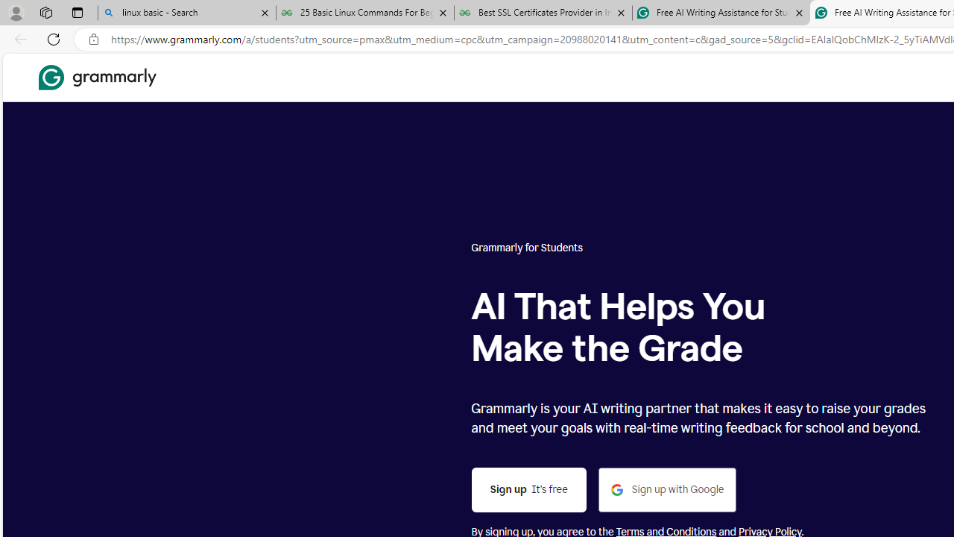  Describe the element at coordinates (543, 13) in the screenshot. I see `'Best SSL Certificates Provider in India - GeeksforGeeks'` at that location.